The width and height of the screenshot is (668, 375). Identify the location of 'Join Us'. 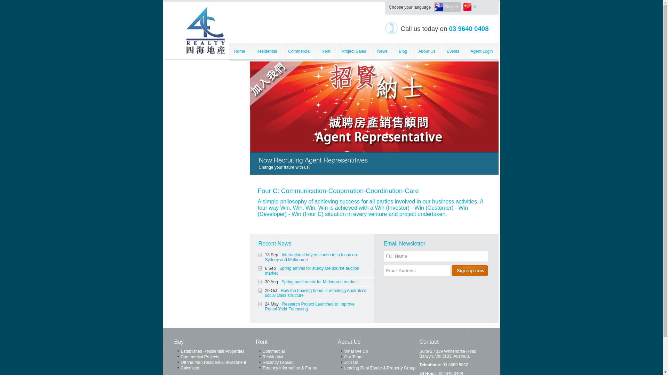
(378, 362).